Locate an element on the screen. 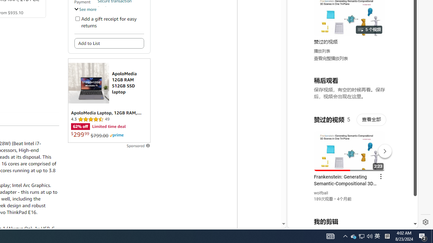 The image size is (433, 243). 'Sponsored ad' is located at coordinates (109, 101).